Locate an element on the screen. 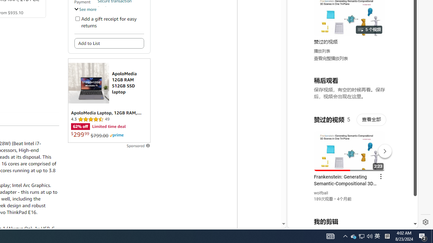 The image size is (433, 243). 'Sponsored ad' is located at coordinates (109, 101).